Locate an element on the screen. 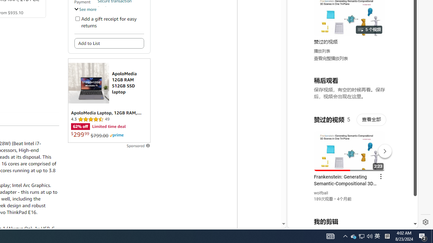 The image size is (433, 243). 'Sponsored ad' is located at coordinates (109, 101).